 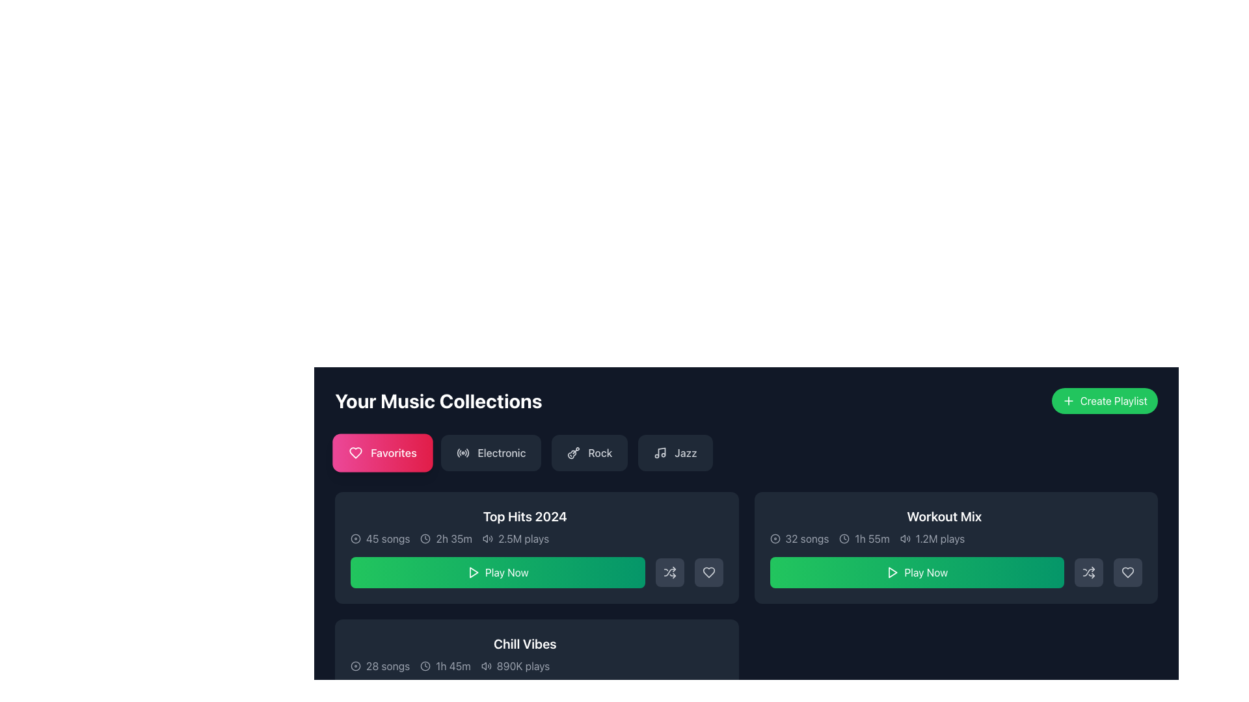 I want to click on play count displayed as '2.5M plays', which is aligned to the left and is the third item under the 'Top Hits 2024' heading, so click(x=515, y=539).